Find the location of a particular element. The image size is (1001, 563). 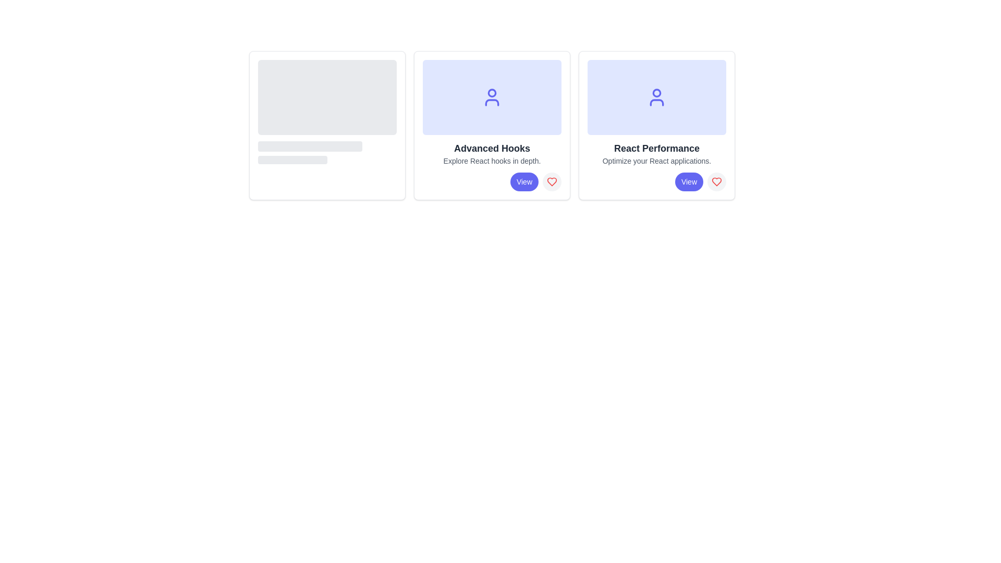

the 'favorite' icon located in the bottom right corner of the 'Advanced Hooks' card is located at coordinates (552, 181).